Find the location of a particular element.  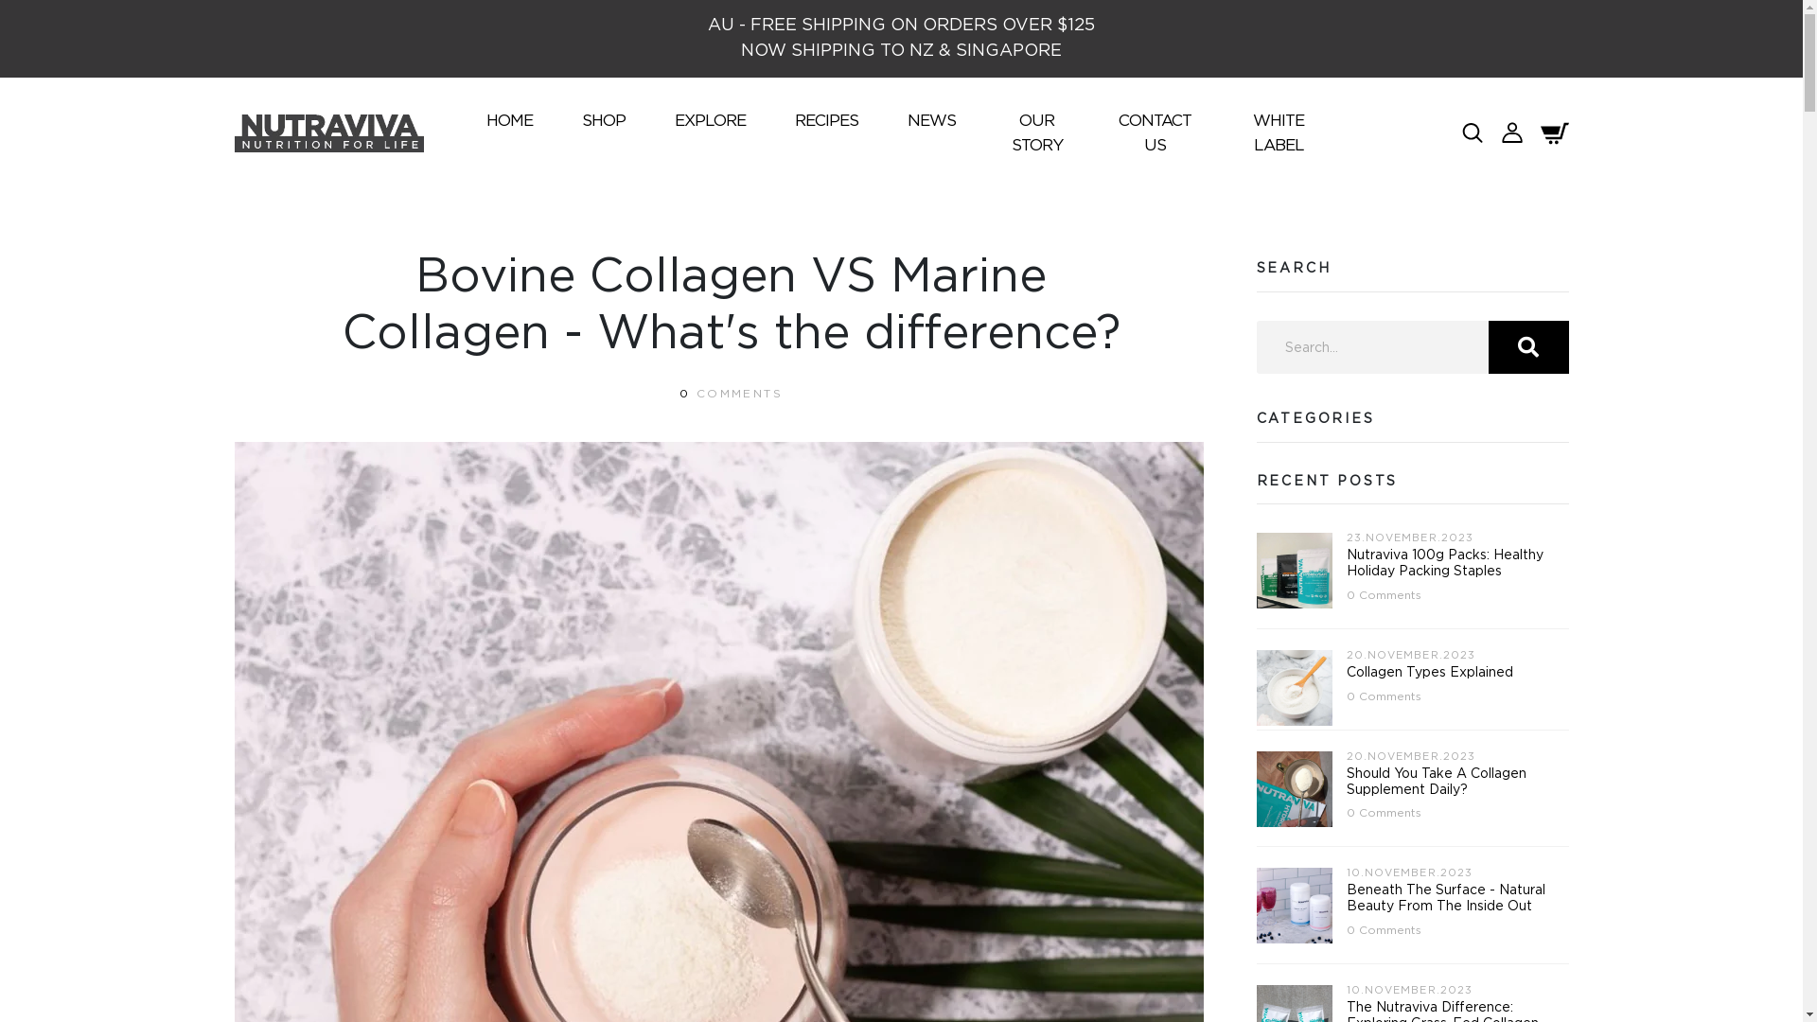

'NEWS' is located at coordinates (898, 120).